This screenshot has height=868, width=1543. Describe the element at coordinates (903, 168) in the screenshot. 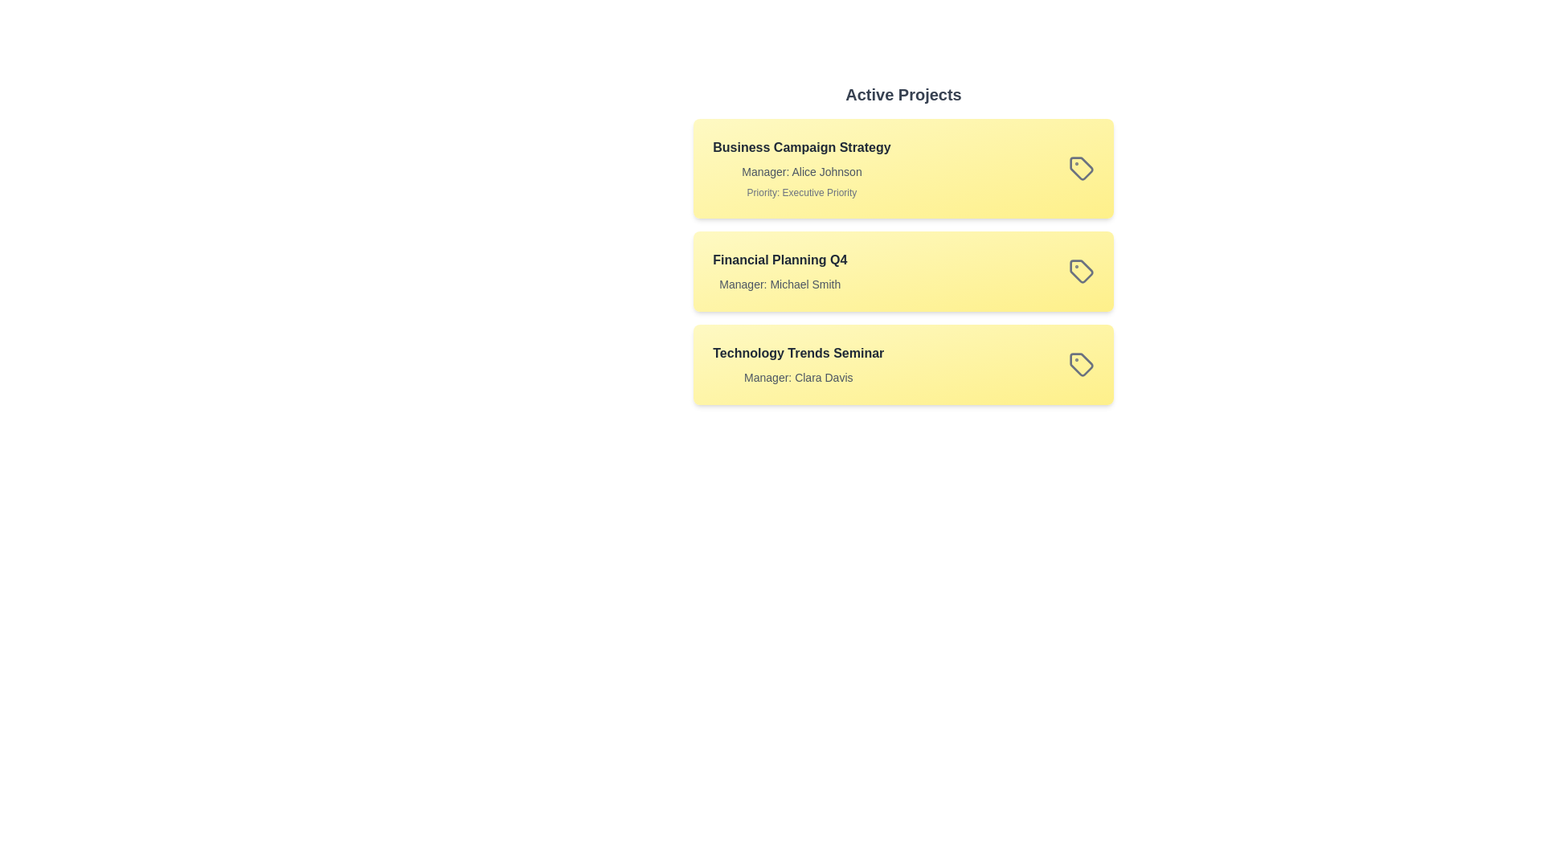

I see `the project titled 'Business Campaign Strategy' to observe visual feedback` at that location.